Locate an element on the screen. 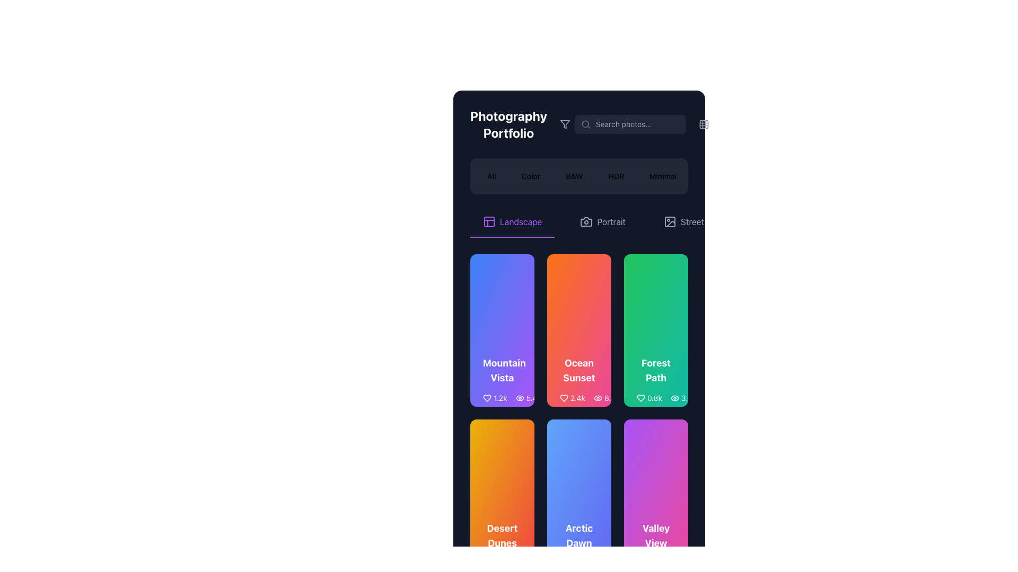 The height and width of the screenshot is (572, 1018). the "views" icon located at the bottom of the card for the item 'Ocean Sunset', which shows the view count '5.4k' is located at coordinates (520, 398).